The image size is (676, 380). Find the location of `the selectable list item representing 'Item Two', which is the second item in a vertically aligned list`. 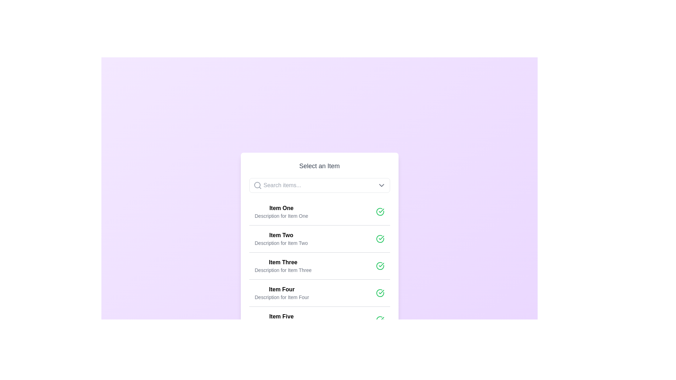

the selectable list item representing 'Item Two', which is the second item in a vertically aligned list is located at coordinates (281, 238).